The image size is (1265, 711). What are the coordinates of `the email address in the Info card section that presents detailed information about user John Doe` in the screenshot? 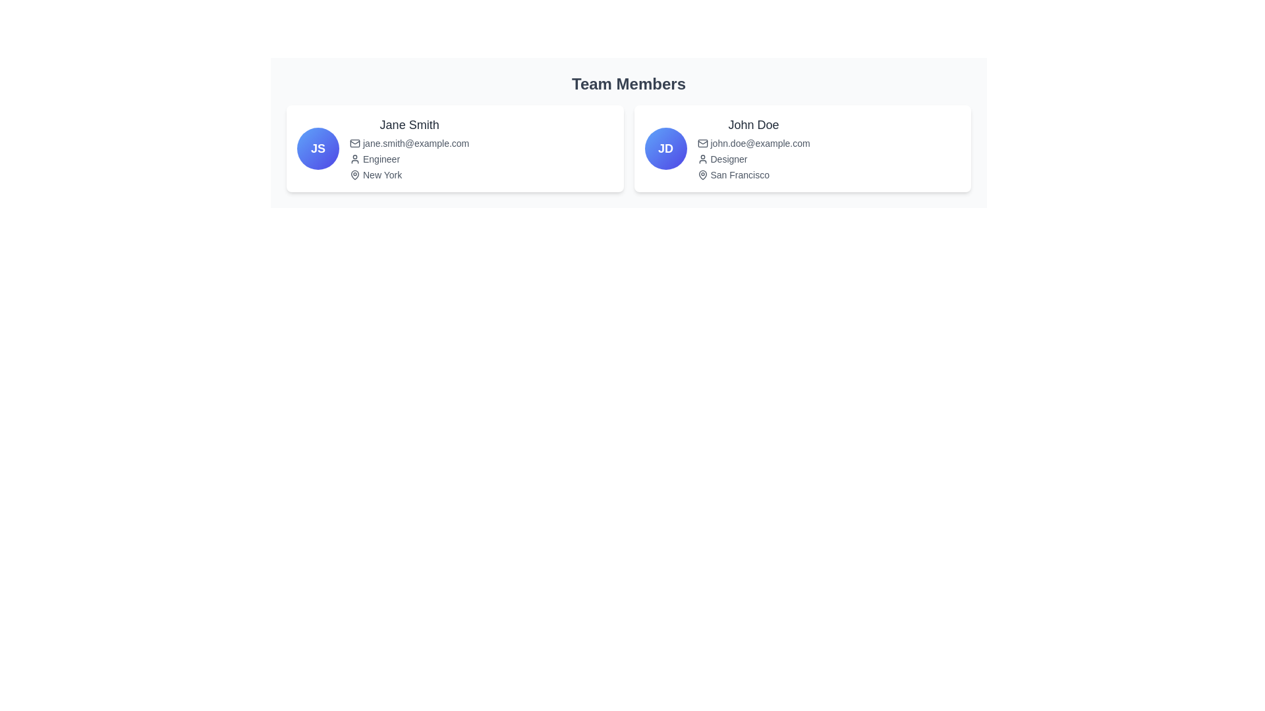 It's located at (754, 148).